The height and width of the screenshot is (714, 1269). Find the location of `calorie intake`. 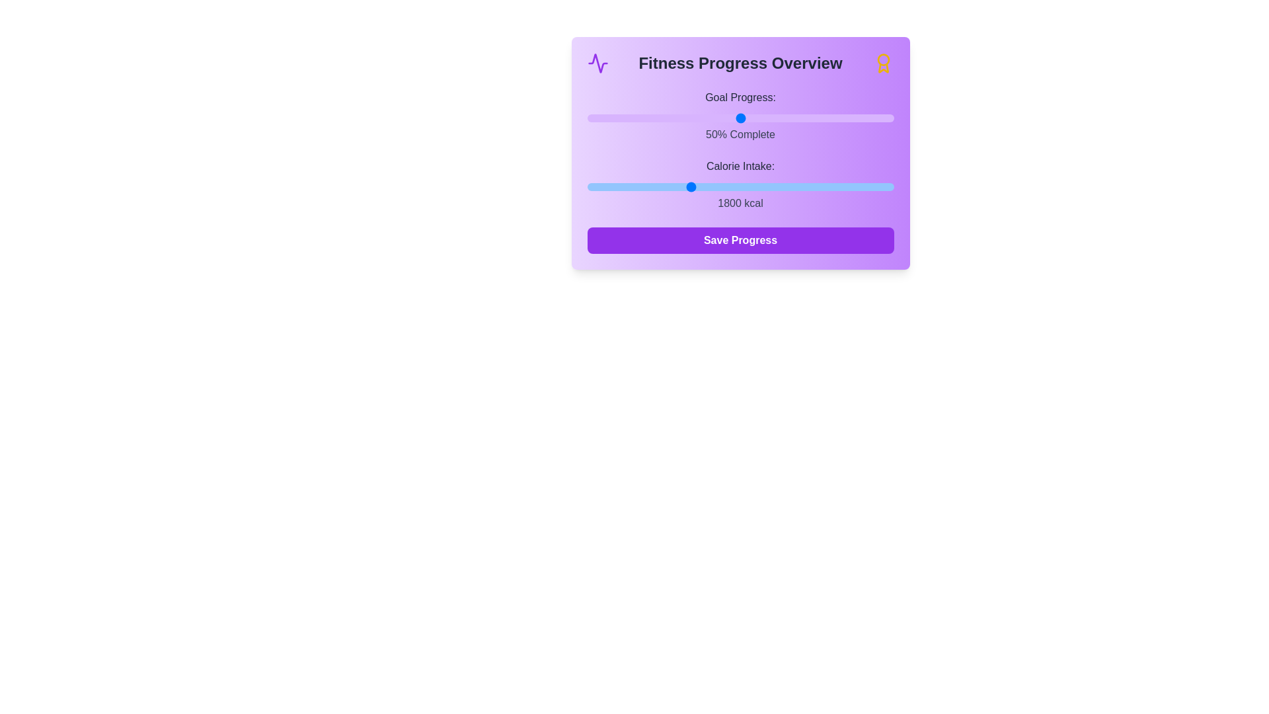

calorie intake is located at coordinates (624, 186).